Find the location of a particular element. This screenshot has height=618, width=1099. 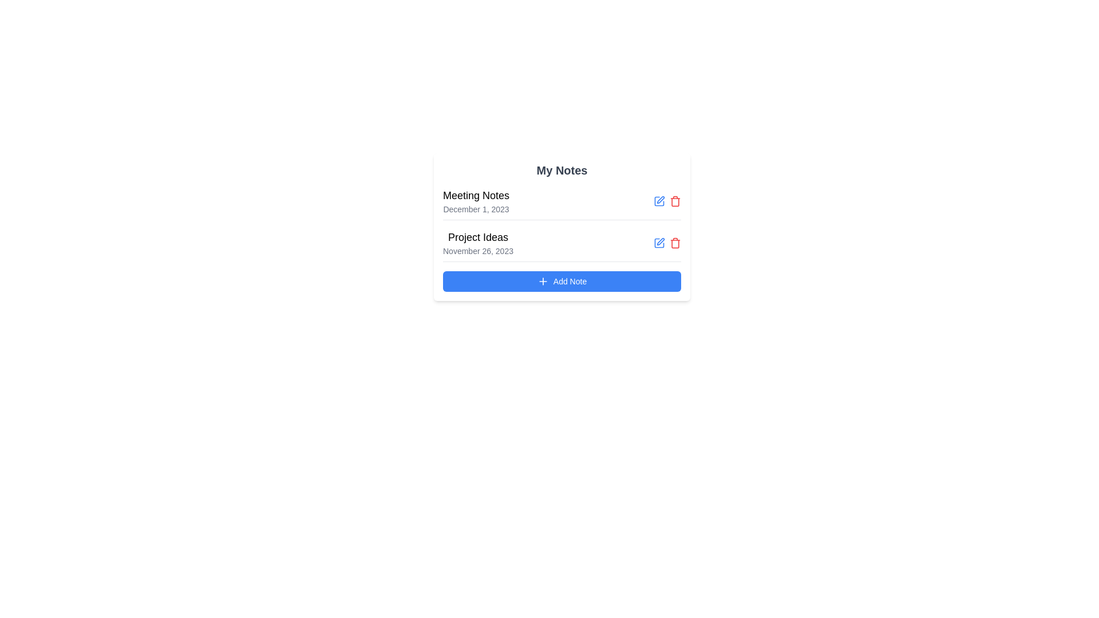

the trash bin icon in the Icon group for deleting the note associated with 'Project Ideas' under the 'My Notes' section is located at coordinates (667, 242).